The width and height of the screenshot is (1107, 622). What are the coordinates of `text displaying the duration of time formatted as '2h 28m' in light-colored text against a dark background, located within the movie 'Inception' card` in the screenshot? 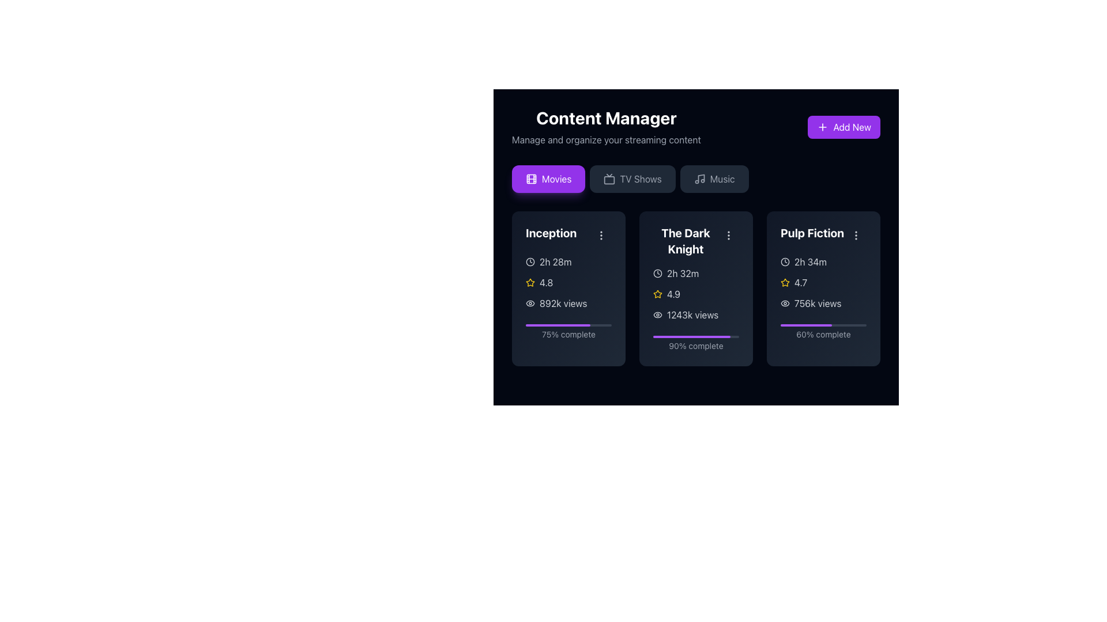 It's located at (555, 262).